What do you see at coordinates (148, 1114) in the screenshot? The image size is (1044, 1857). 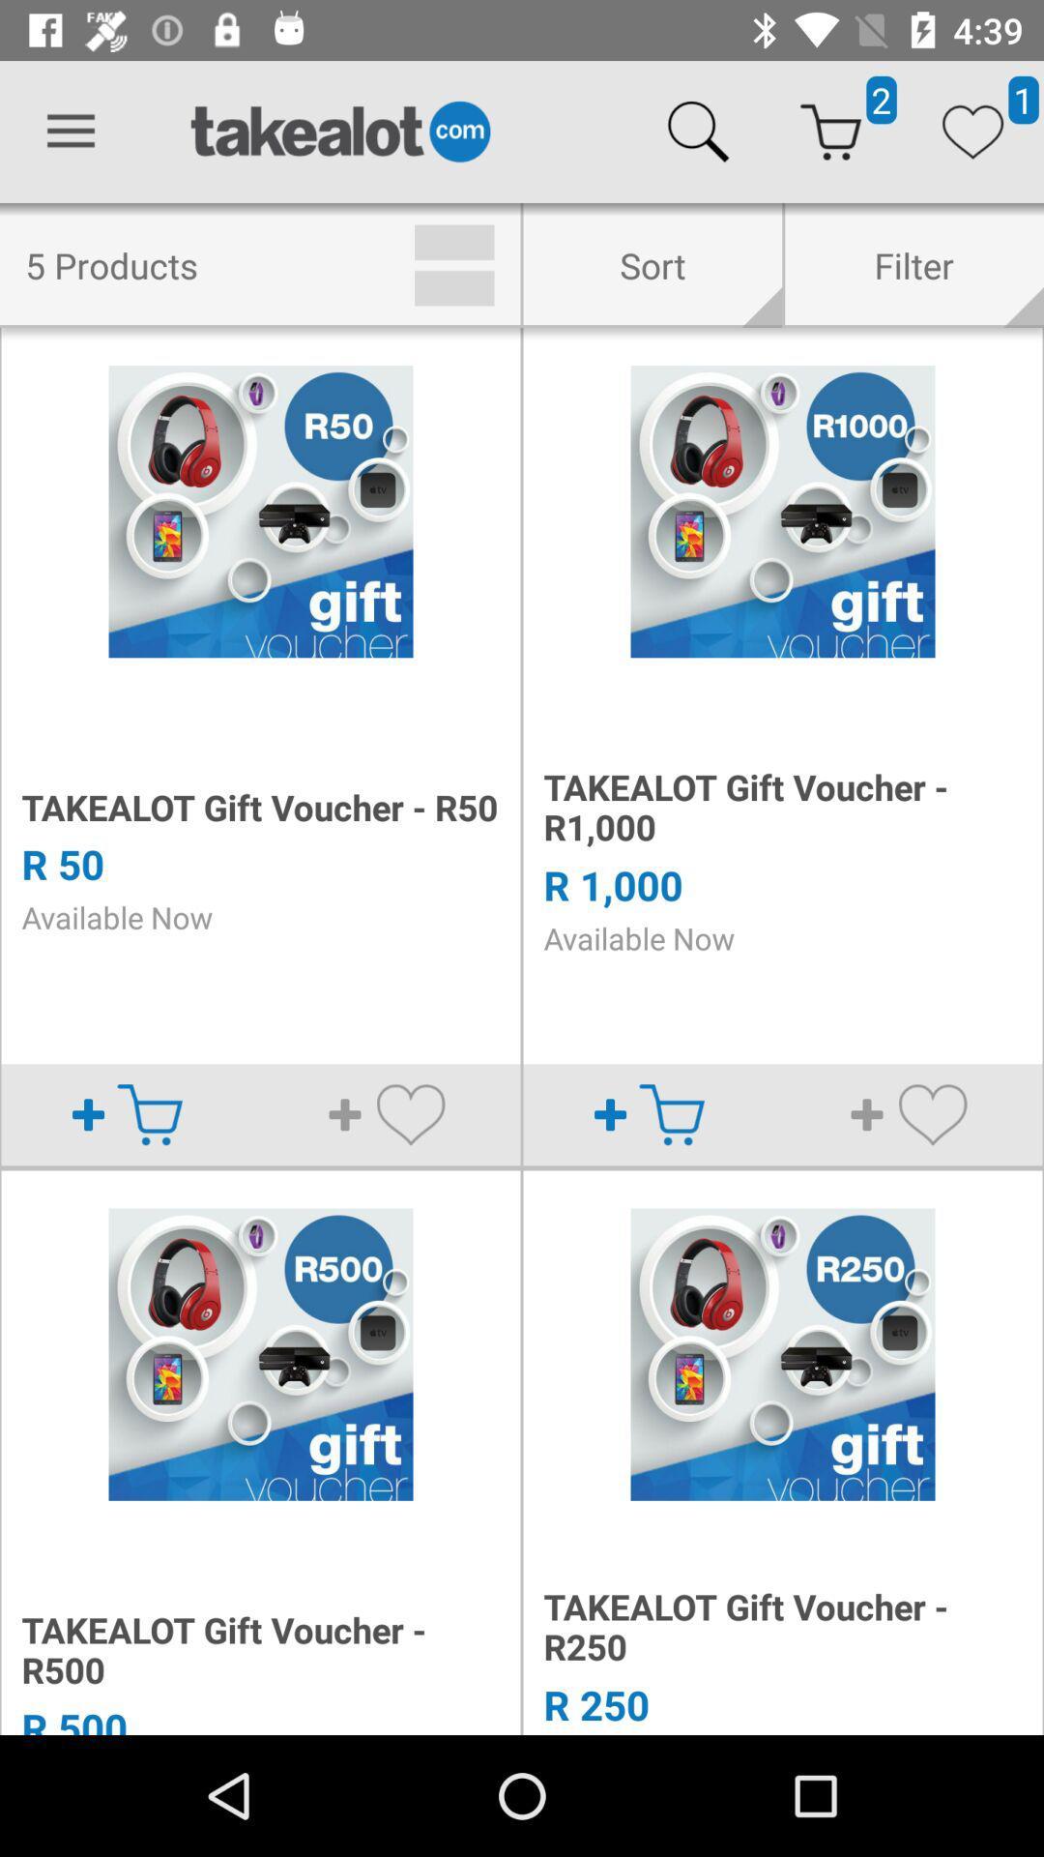 I see `the shopping cart option below r 50` at bounding box center [148, 1114].